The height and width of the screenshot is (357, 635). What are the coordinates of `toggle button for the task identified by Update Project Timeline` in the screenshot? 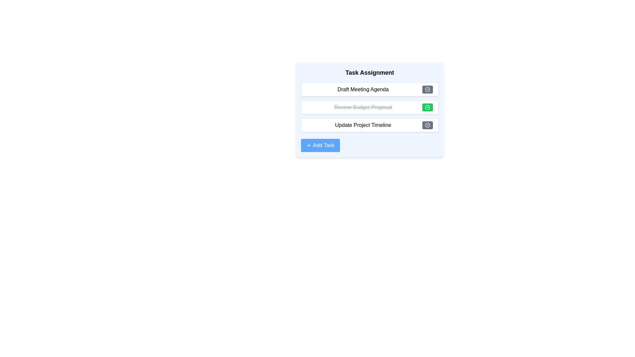 It's located at (427, 125).